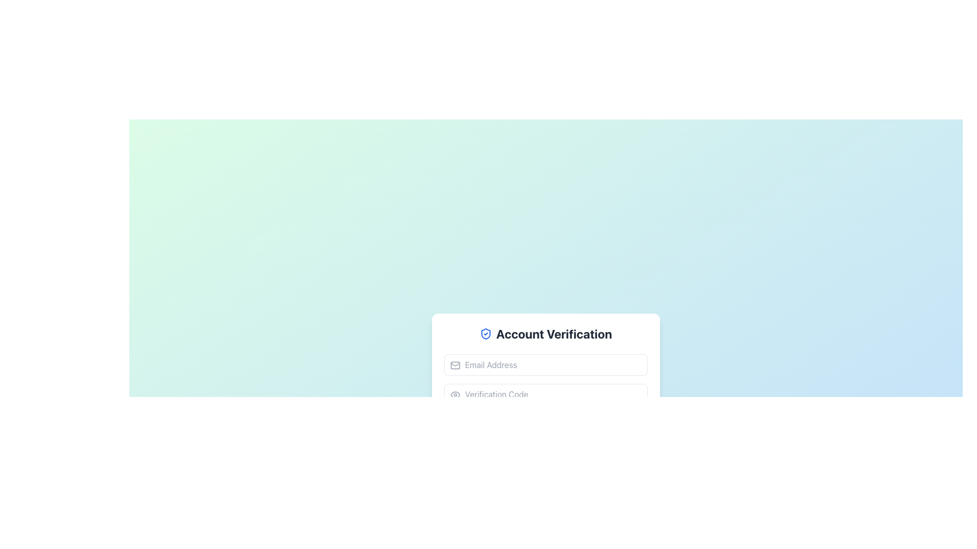 This screenshot has width=977, height=549. Describe the element at coordinates (454, 394) in the screenshot. I see `the visibility toggle button located to the far left of the verification code field` at that location.